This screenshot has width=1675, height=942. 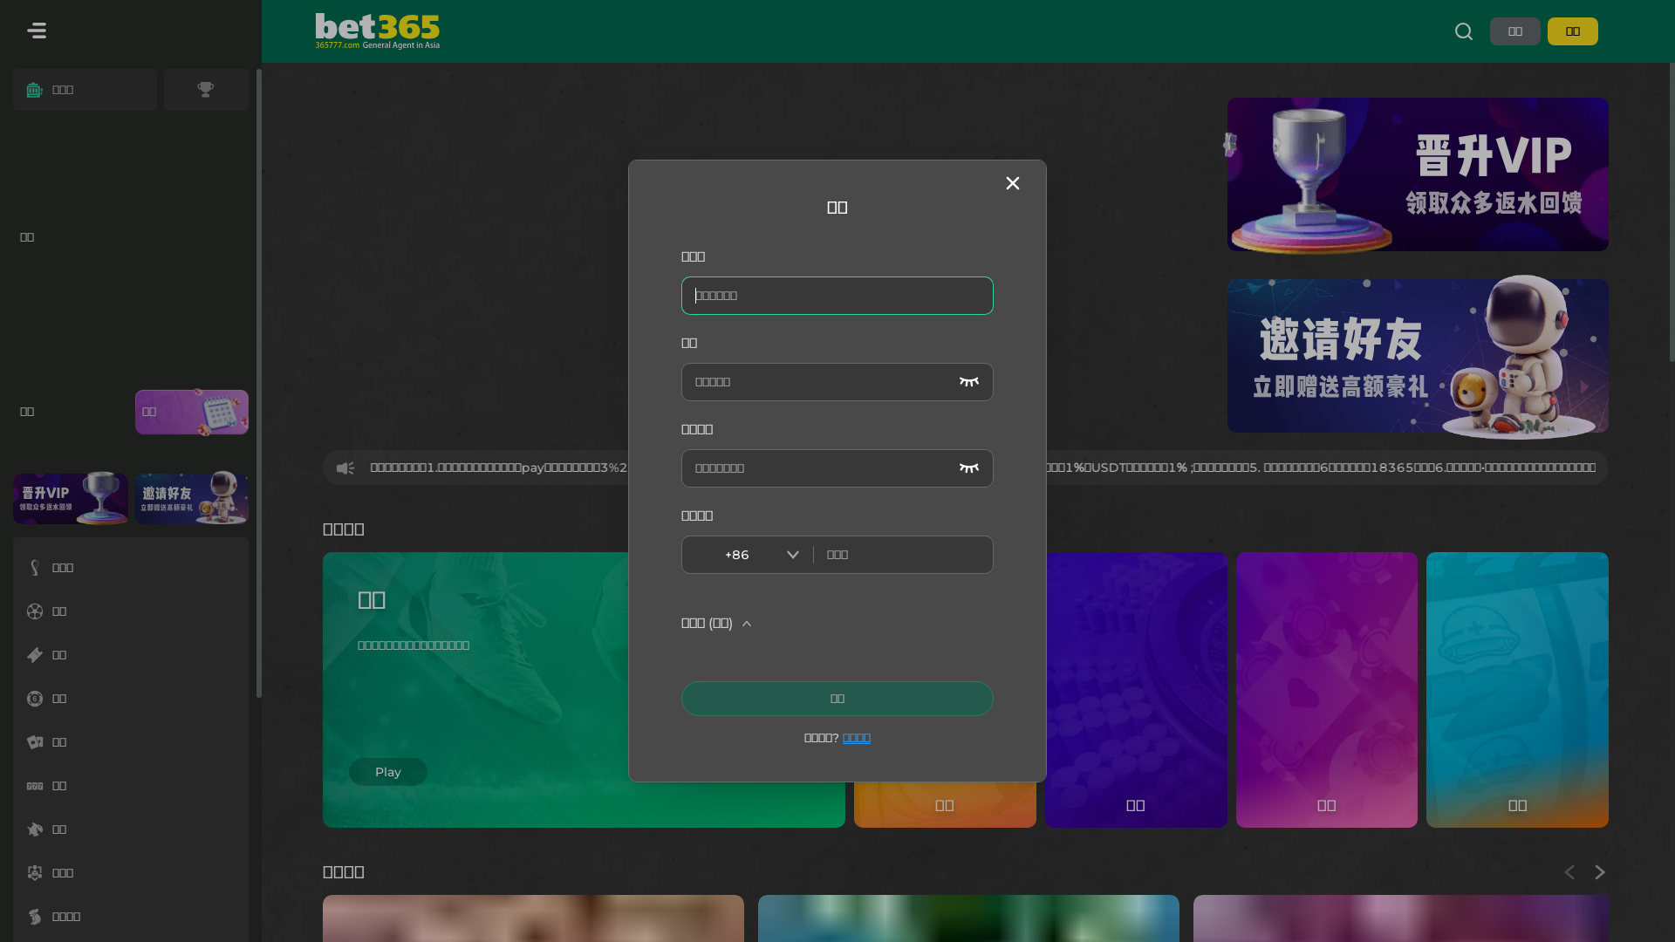 What do you see at coordinates (387, 746) in the screenshot?
I see `'Play'` at bounding box center [387, 746].